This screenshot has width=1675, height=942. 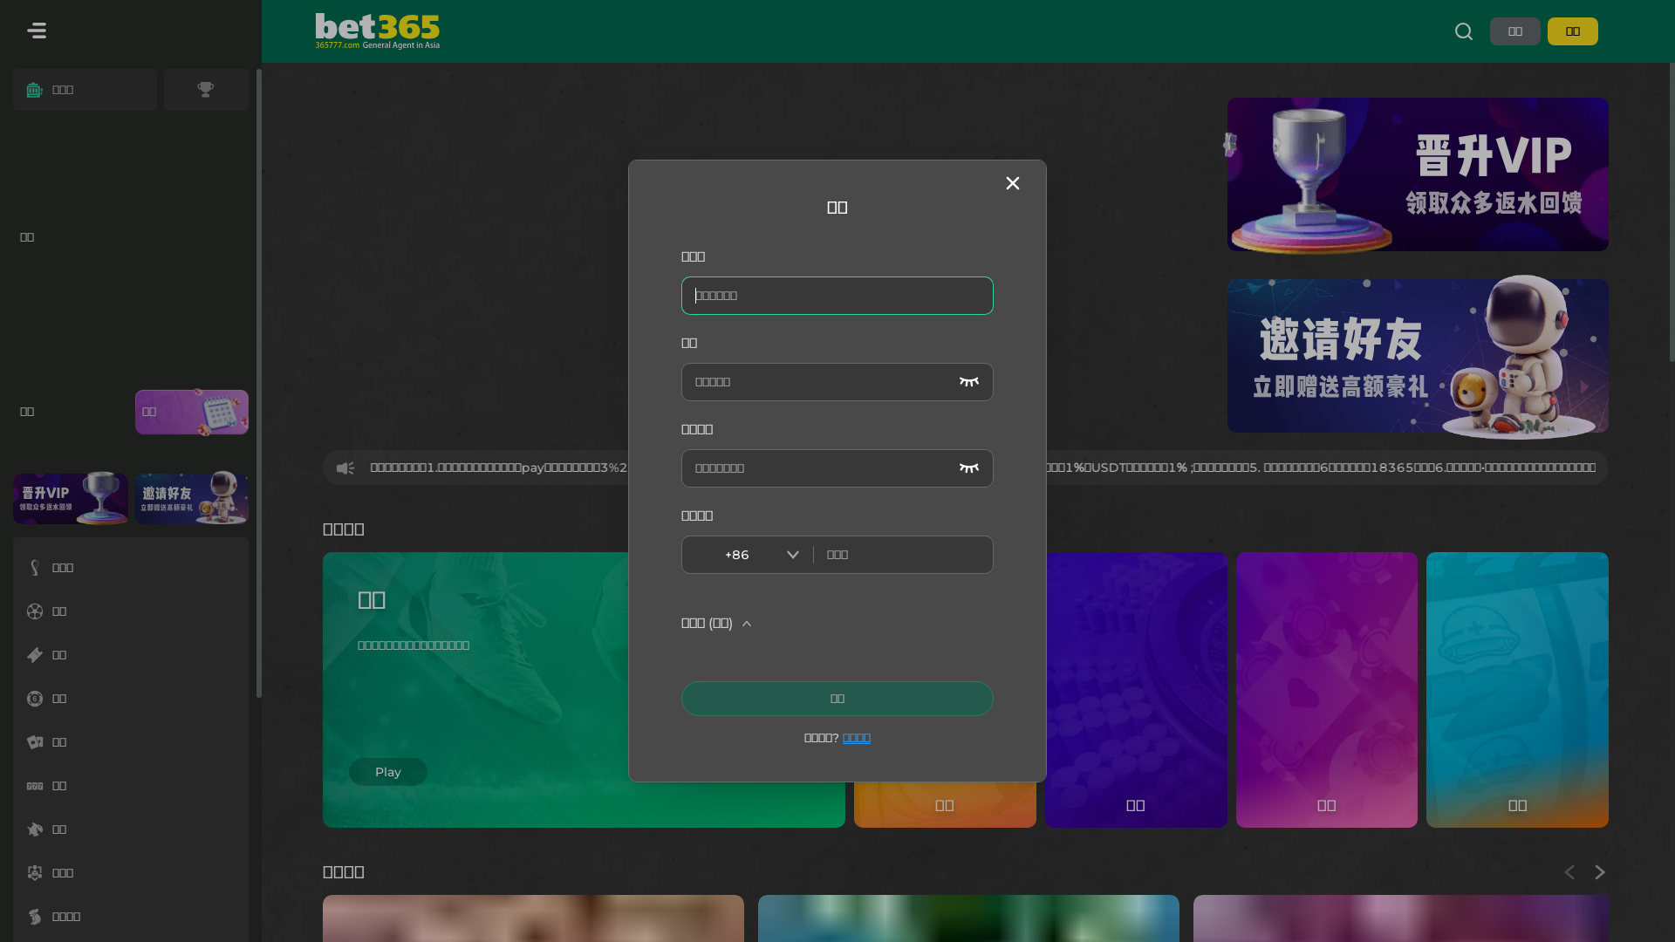 What do you see at coordinates (387, 746) in the screenshot?
I see `'Play'` at bounding box center [387, 746].